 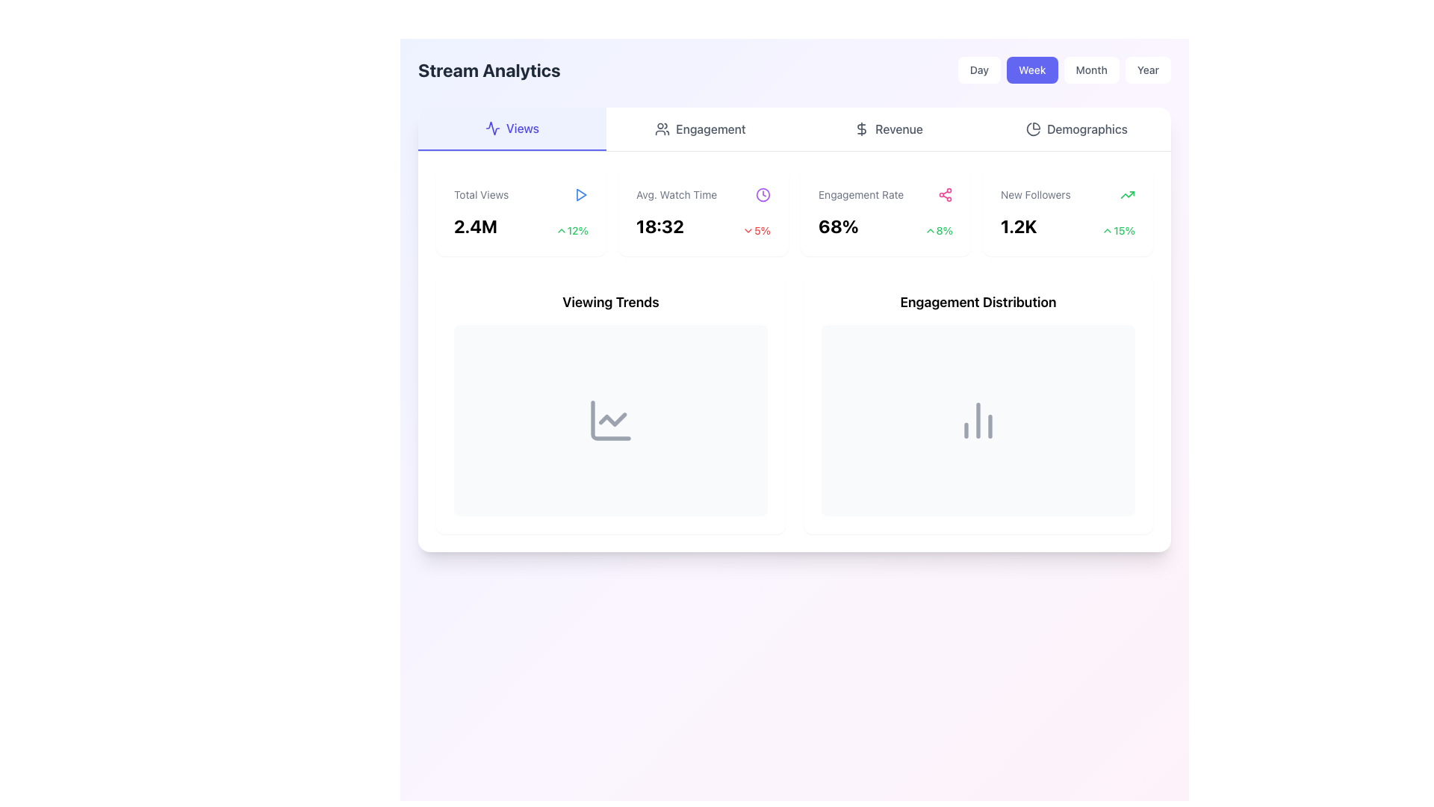 What do you see at coordinates (748, 230) in the screenshot?
I see `the chevron-down icon to the left of the '5%' text in the 'Avg. Watch Time' card` at bounding box center [748, 230].